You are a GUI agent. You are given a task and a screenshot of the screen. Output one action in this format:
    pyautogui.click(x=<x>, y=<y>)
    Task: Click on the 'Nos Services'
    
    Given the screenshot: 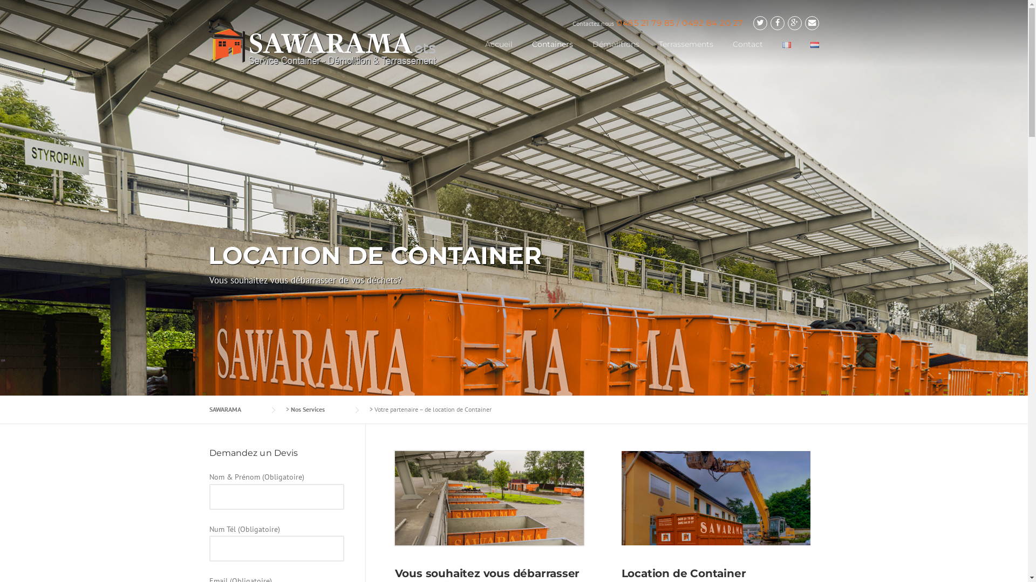 What is the action you would take?
    pyautogui.click(x=317, y=409)
    